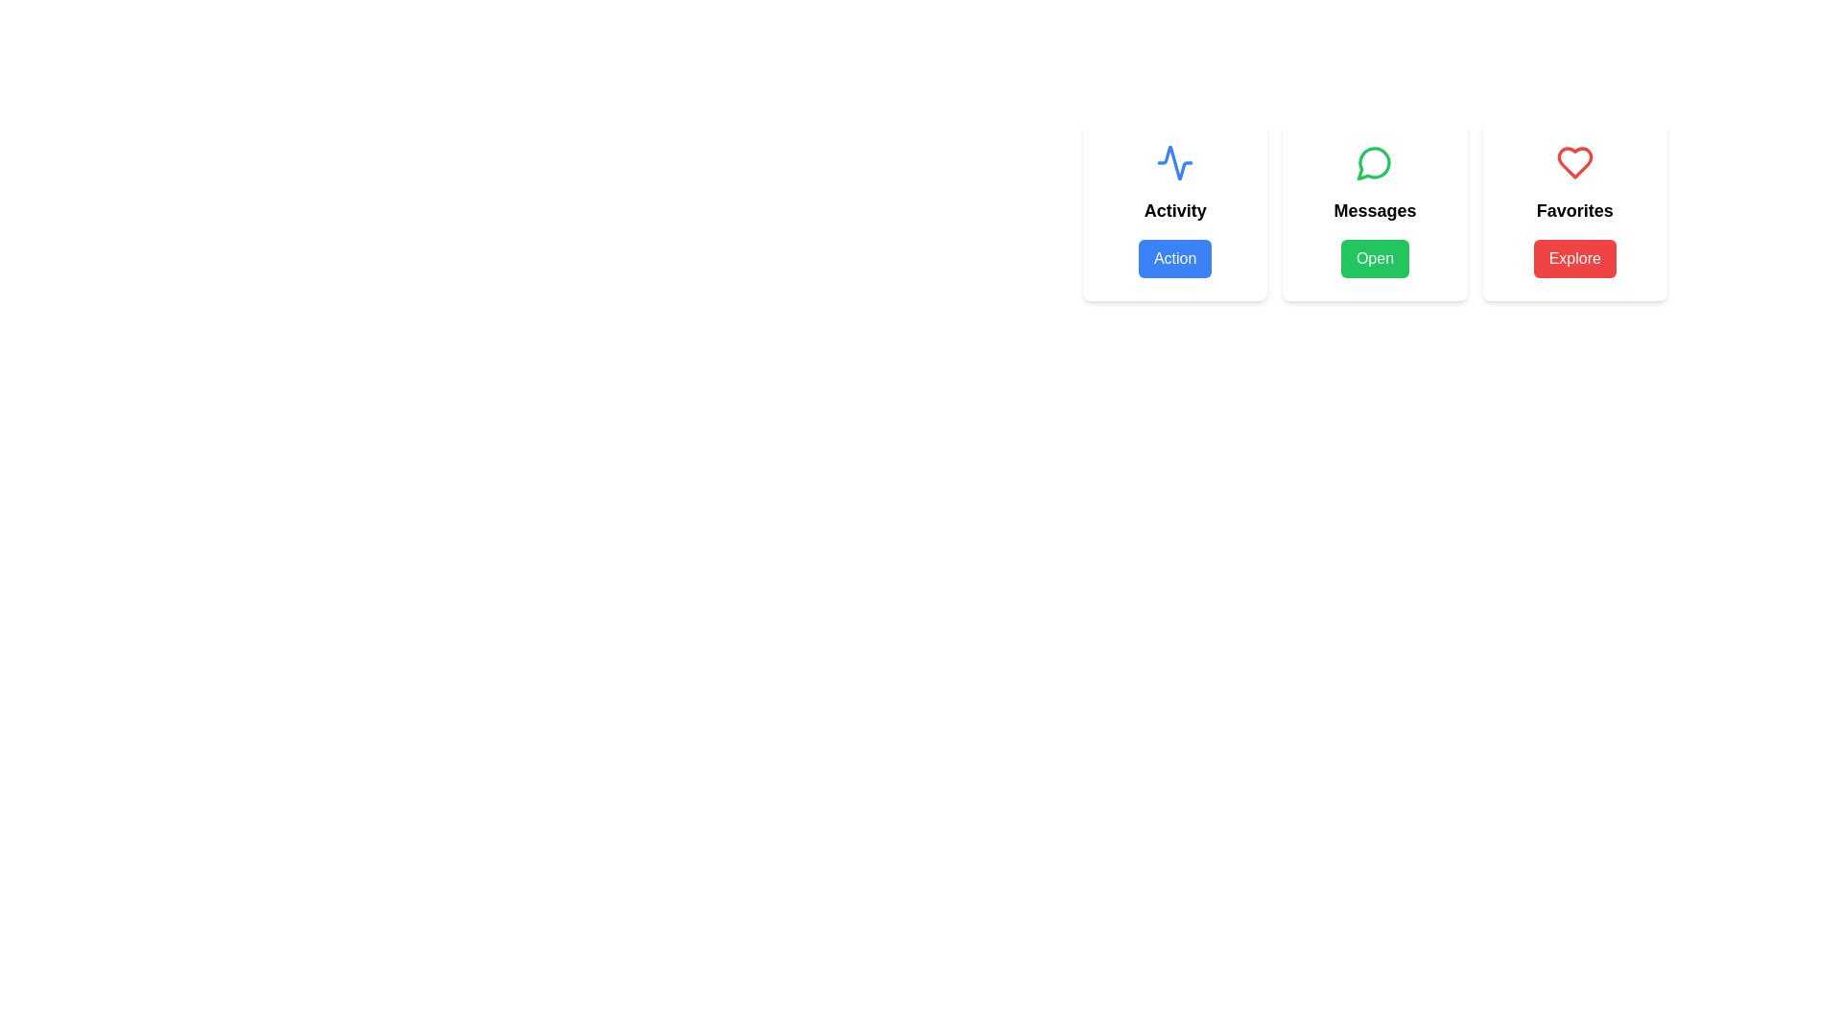 The height and width of the screenshot is (1036, 1842). What do you see at coordinates (1574, 161) in the screenshot?
I see `the decorative icon associated with the Favorites feature located at the top of the rightmost card in a group of three horizontally aligned cards` at bounding box center [1574, 161].